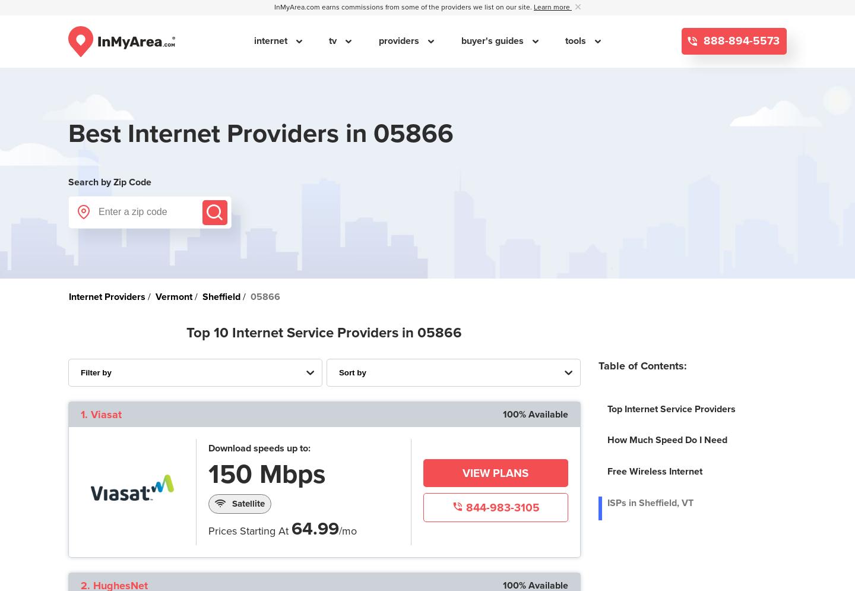  I want to click on 'Sheffield', so click(220, 296).